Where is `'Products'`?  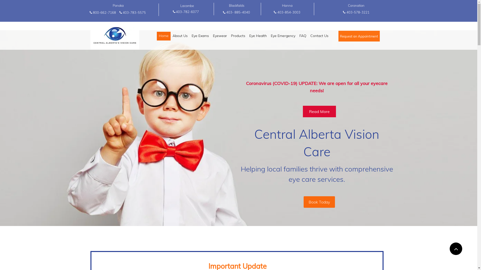 'Products' is located at coordinates (228, 36).